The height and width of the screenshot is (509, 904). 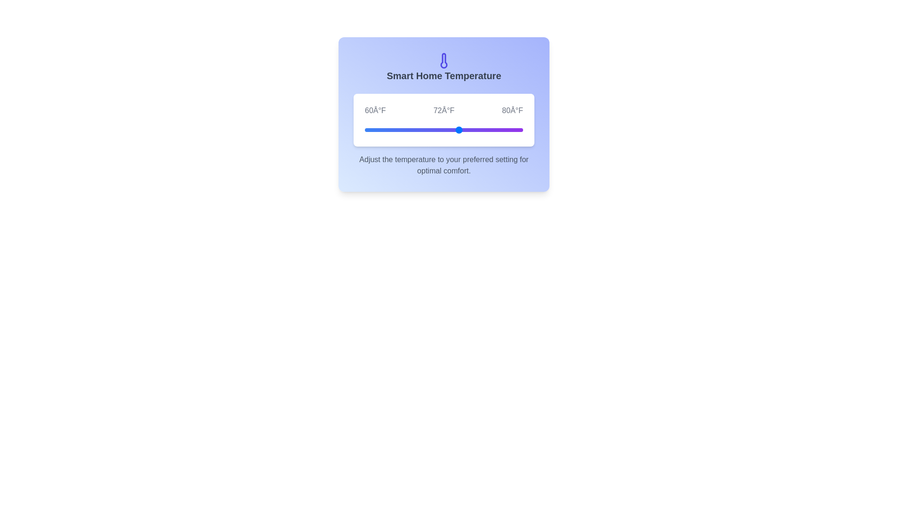 What do you see at coordinates (404, 130) in the screenshot?
I see `the temperature slider to 65°F` at bounding box center [404, 130].